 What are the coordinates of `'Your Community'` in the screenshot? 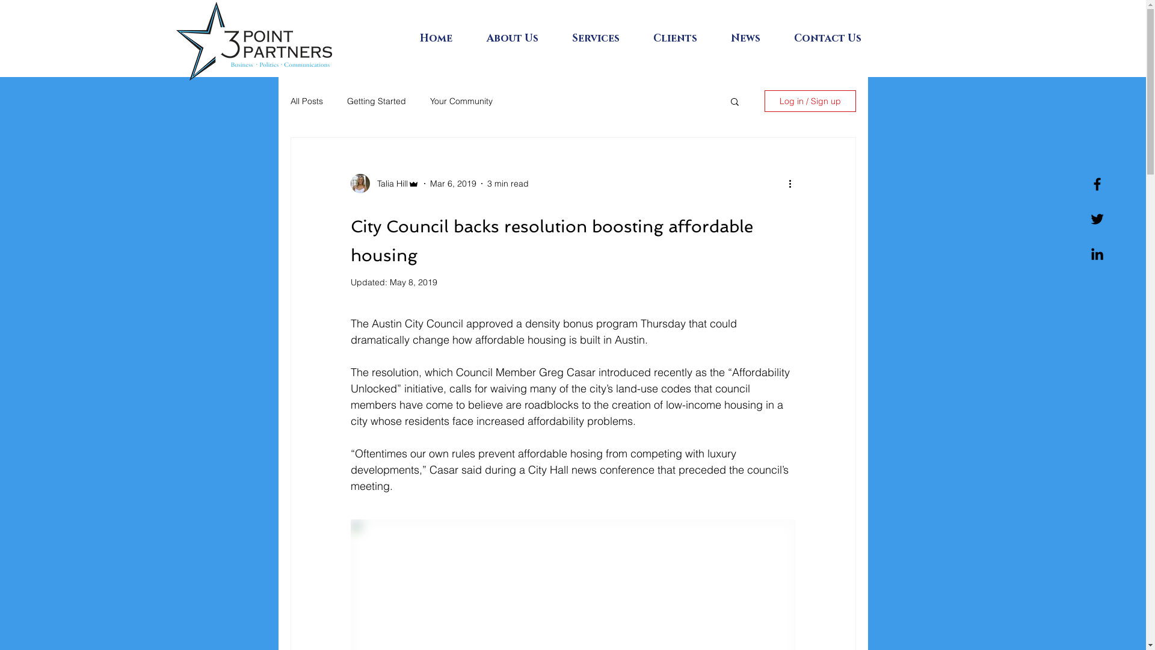 It's located at (460, 101).